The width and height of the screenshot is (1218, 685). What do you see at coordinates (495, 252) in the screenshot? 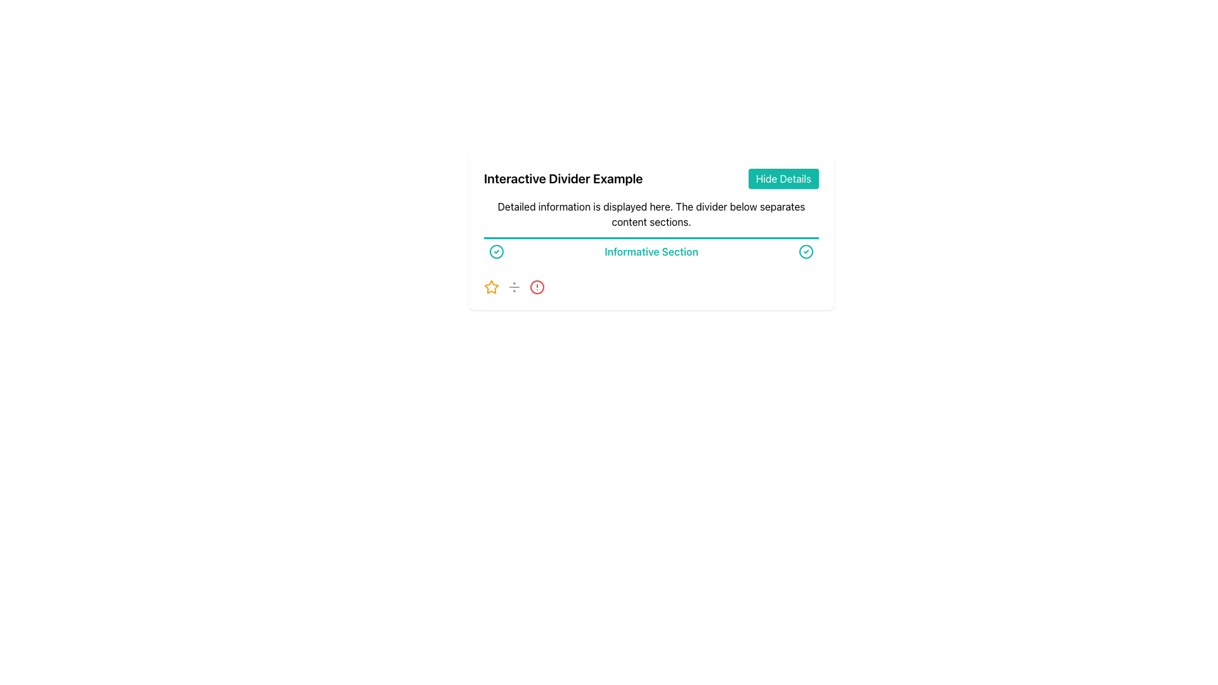
I see `the decorative SVG Circle icon that indicates completed or correct statuses, located to the right of the 'Informative Section' label in the toolbar at the bottom of the information card` at bounding box center [495, 252].